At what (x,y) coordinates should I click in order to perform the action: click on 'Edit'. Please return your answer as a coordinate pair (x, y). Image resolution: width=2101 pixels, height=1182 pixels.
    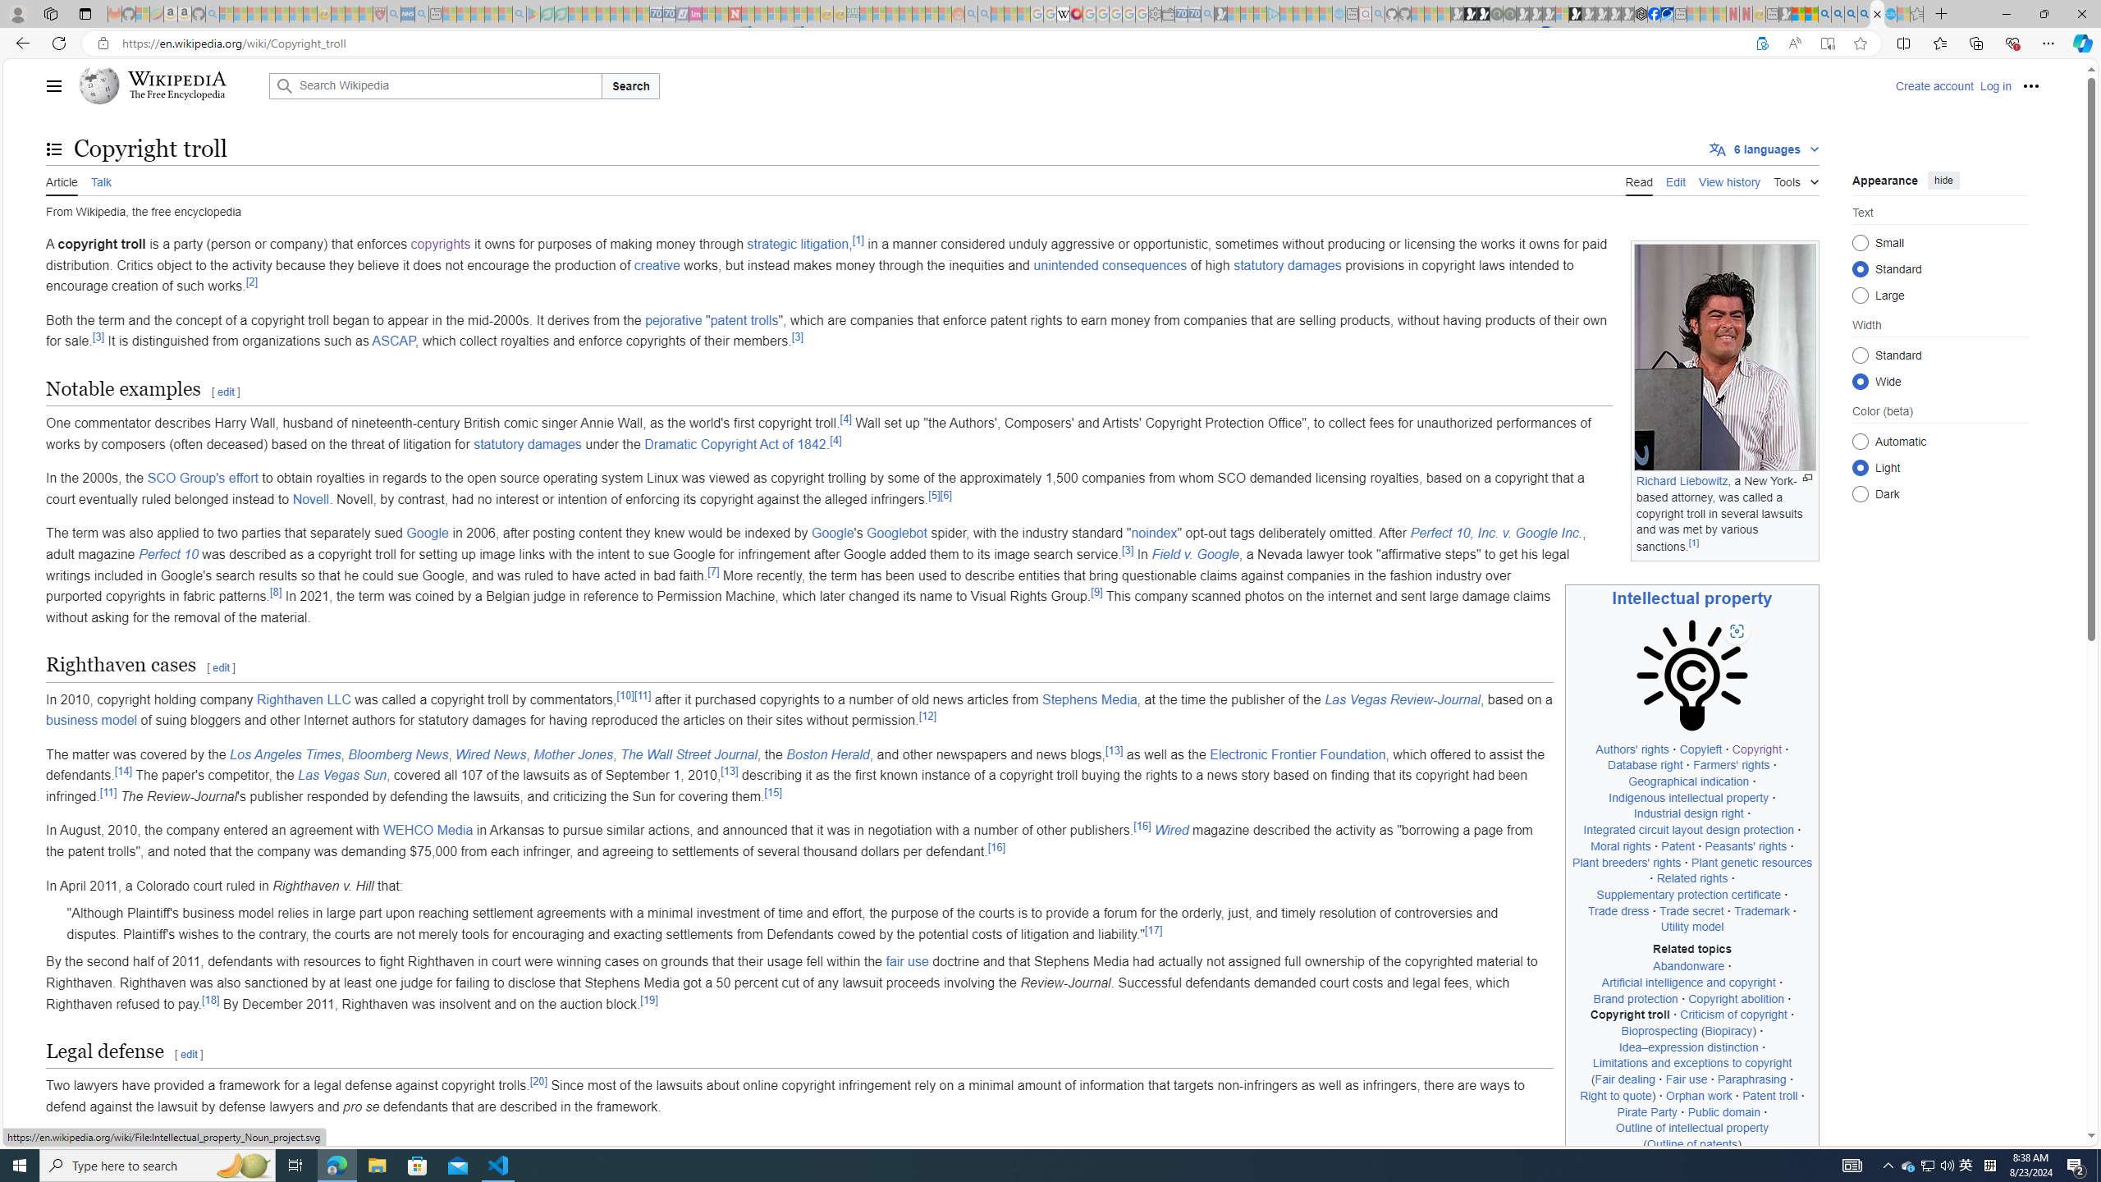
    Looking at the image, I should click on (1676, 180).